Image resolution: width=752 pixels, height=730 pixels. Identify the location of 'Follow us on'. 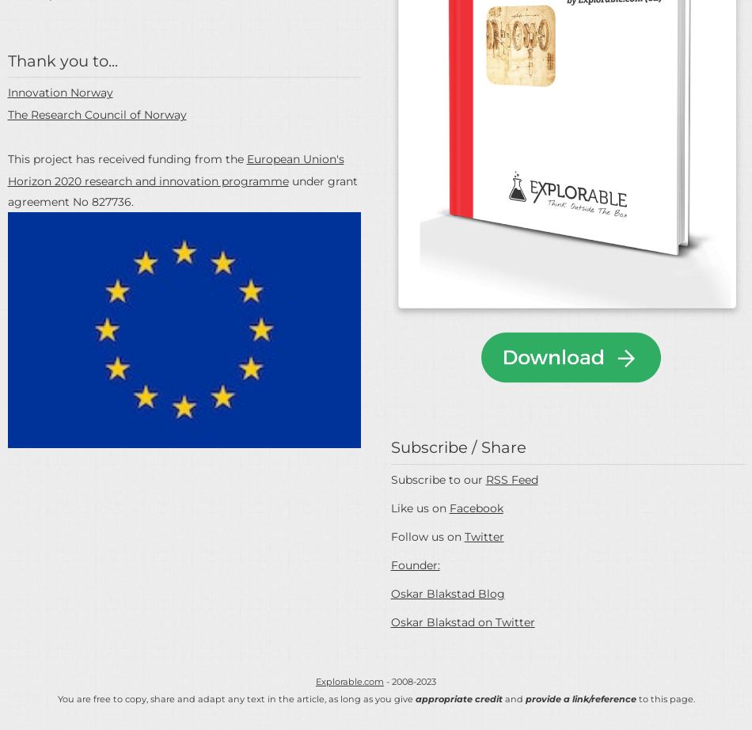
(389, 536).